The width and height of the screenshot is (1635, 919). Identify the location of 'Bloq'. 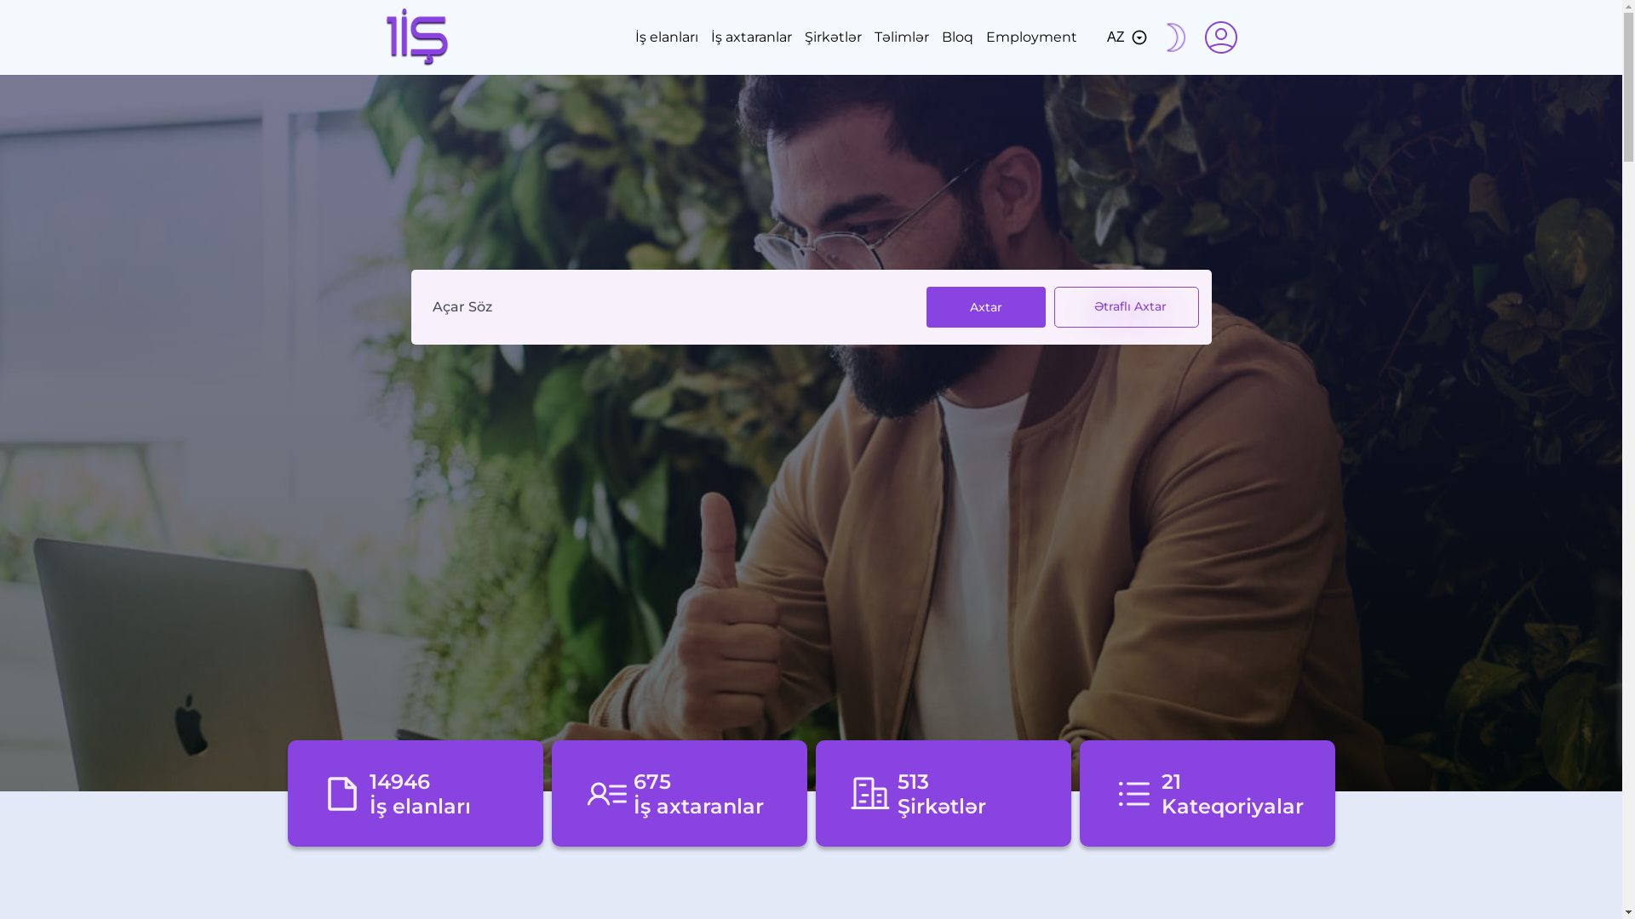
(957, 37).